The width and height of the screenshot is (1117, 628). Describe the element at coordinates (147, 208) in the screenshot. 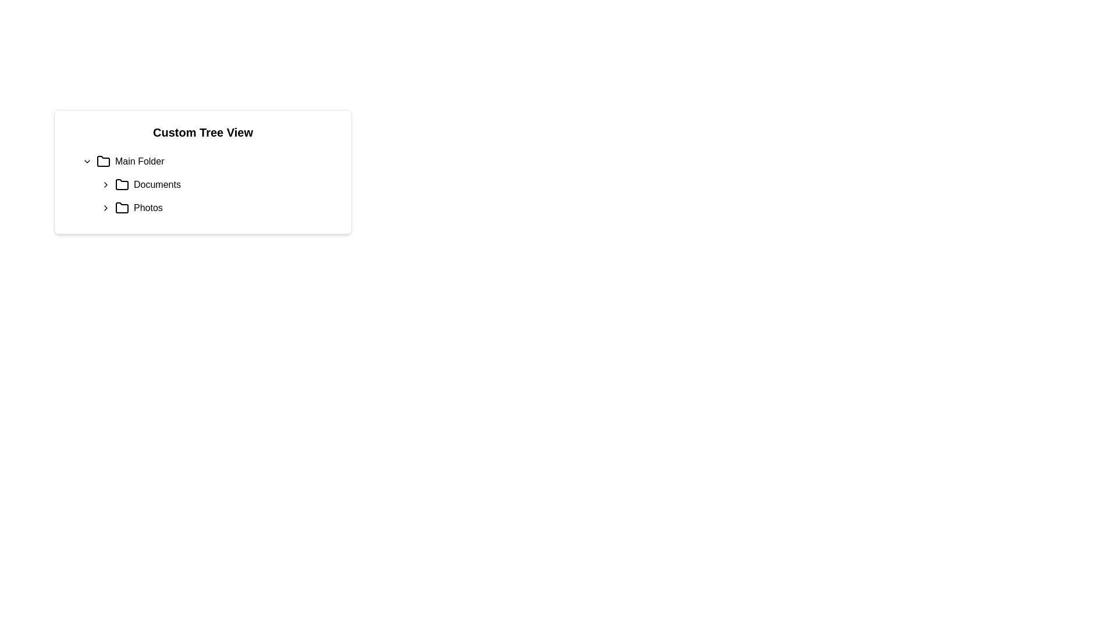

I see `the 'Photos' label in the tree view` at that location.